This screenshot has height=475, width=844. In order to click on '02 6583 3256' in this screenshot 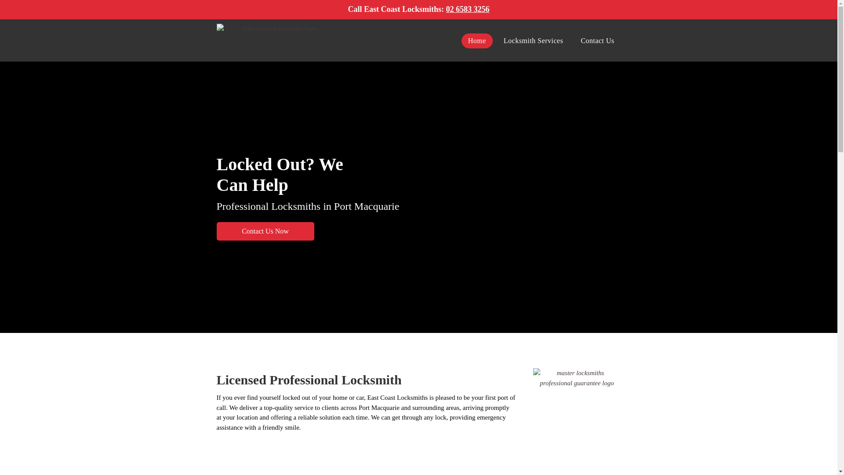, I will do `click(467, 9)`.